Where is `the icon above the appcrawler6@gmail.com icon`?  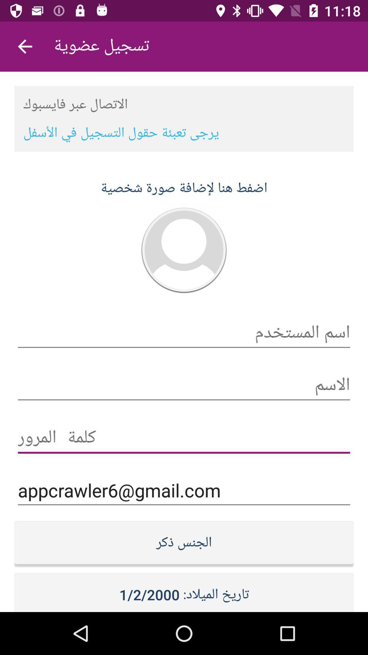
the icon above the appcrawler6@gmail.com icon is located at coordinates (184, 438).